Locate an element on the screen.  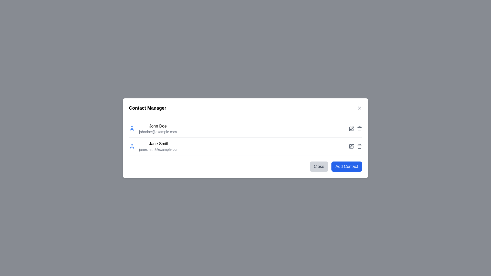
the close-icon button styled as an 'X' located in the top right corner of the 'Contact Manager' header section is located at coordinates (359, 108).